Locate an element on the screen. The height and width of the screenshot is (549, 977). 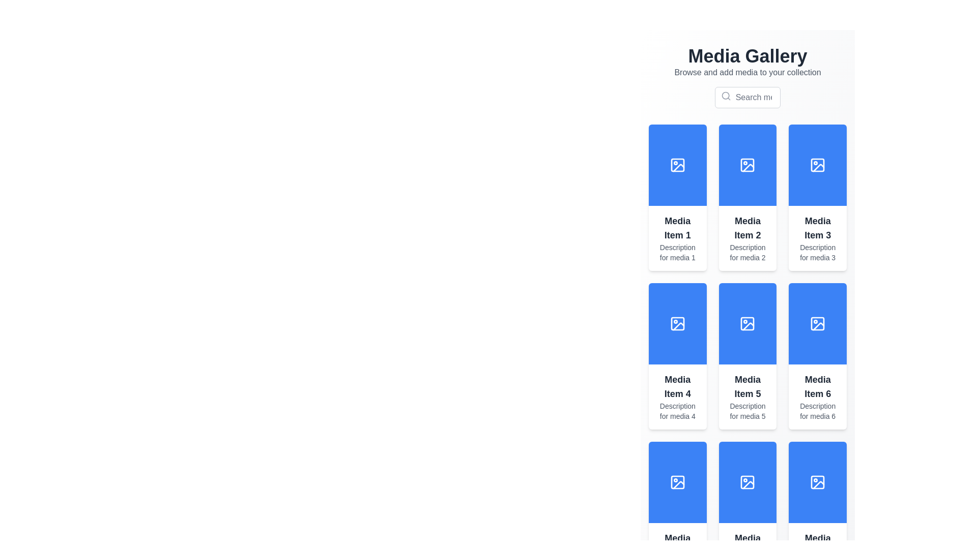
the title text element that serves as a label for a media item in the gallery, located in the second row and third column of the grid is located at coordinates (818, 386).